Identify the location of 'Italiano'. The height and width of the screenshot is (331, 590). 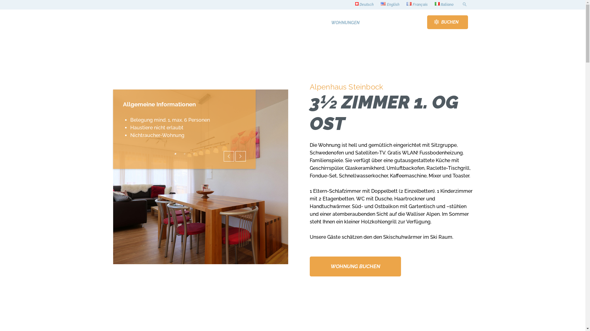
(431, 5).